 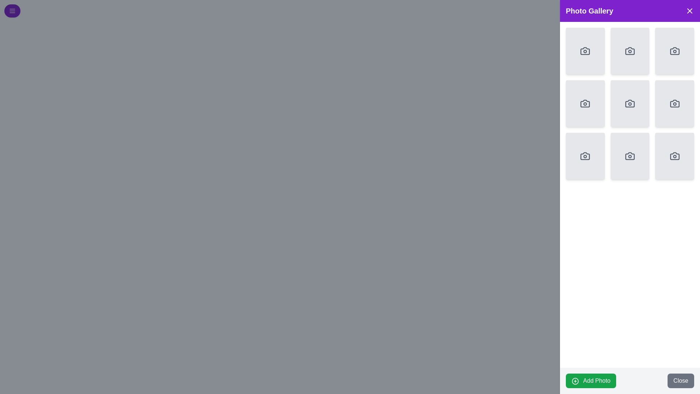 What do you see at coordinates (689, 11) in the screenshot?
I see `the close button located at the top-right corner of the 'Photo Gallery' header` at bounding box center [689, 11].